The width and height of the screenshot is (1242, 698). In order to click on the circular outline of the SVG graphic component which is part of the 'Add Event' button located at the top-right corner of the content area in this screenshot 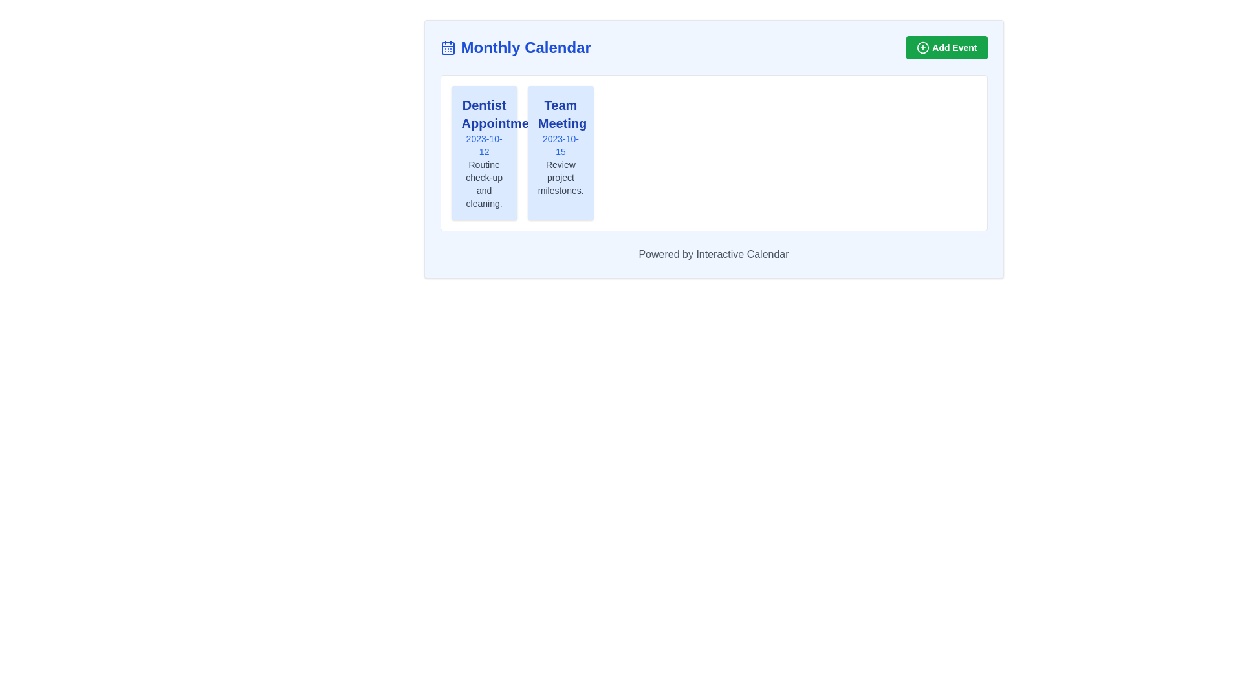, I will do `click(922, 47)`.